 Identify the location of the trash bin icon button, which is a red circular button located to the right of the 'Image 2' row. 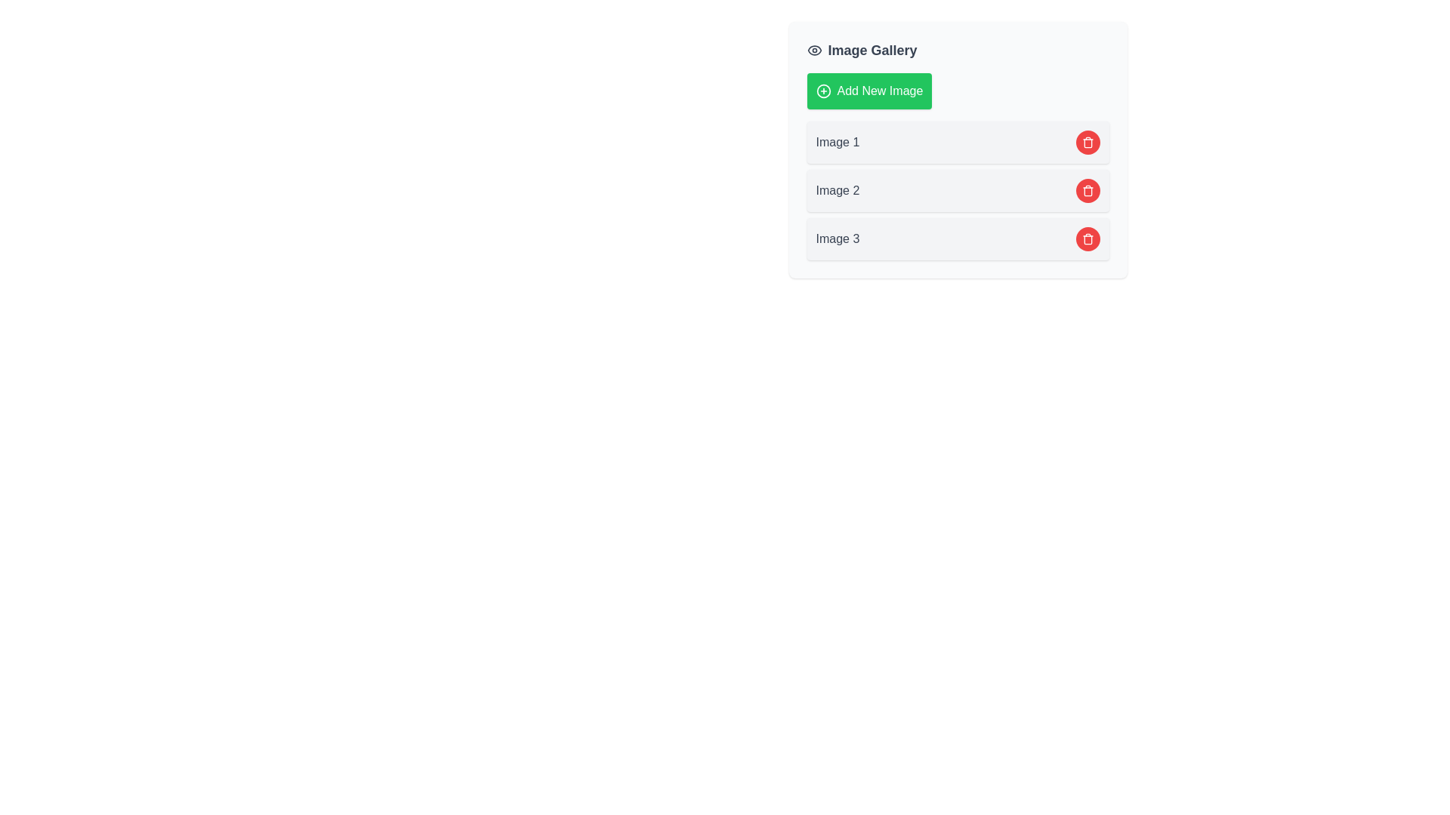
(1087, 238).